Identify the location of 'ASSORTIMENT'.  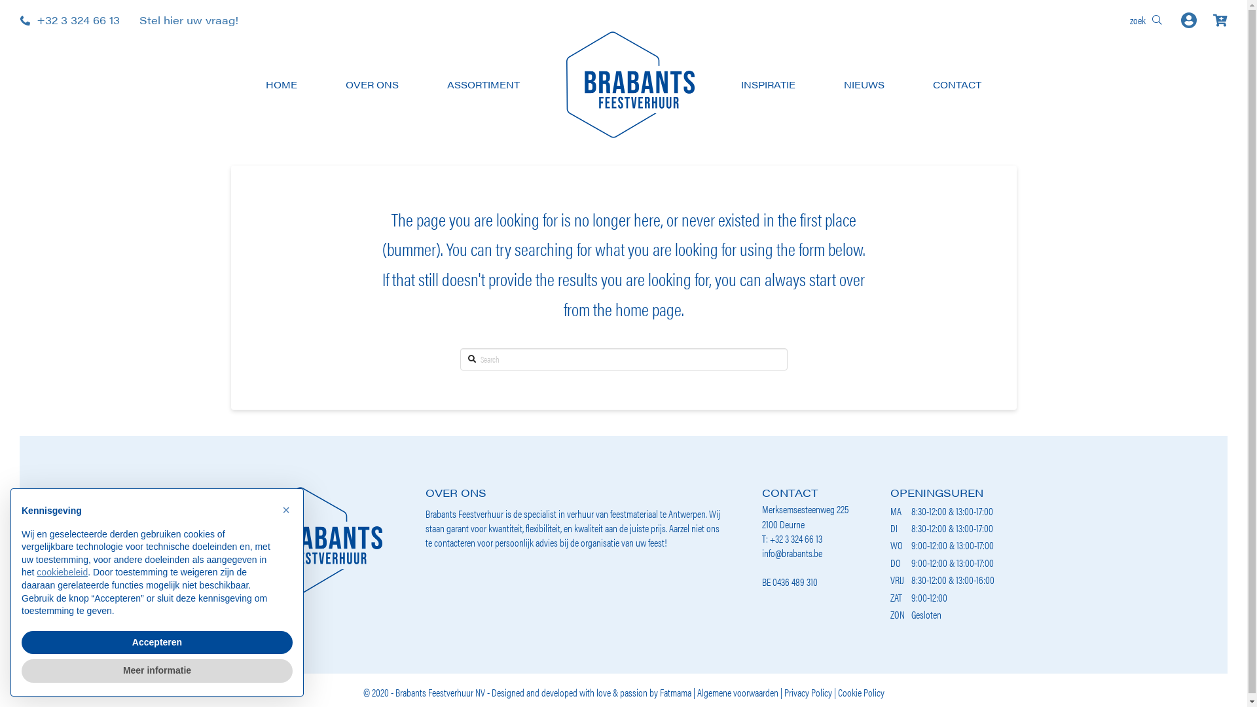
(483, 84).